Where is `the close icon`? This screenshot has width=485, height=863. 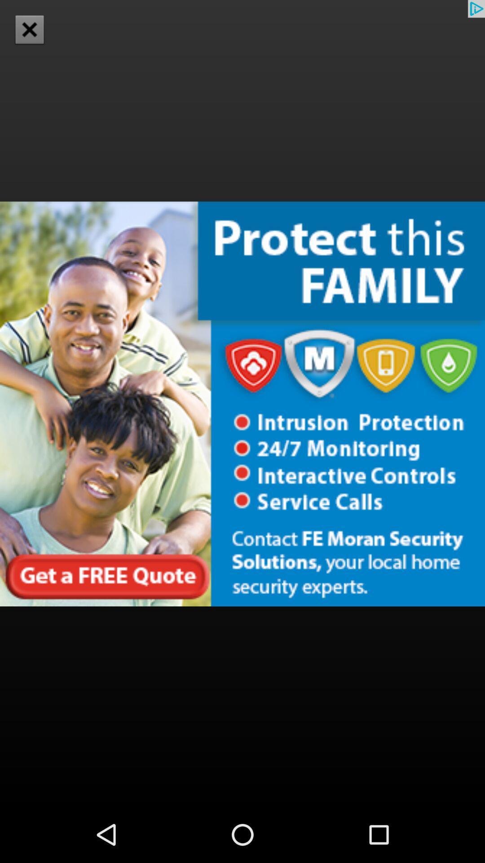 the close icon is located at coordinates (29, 31).